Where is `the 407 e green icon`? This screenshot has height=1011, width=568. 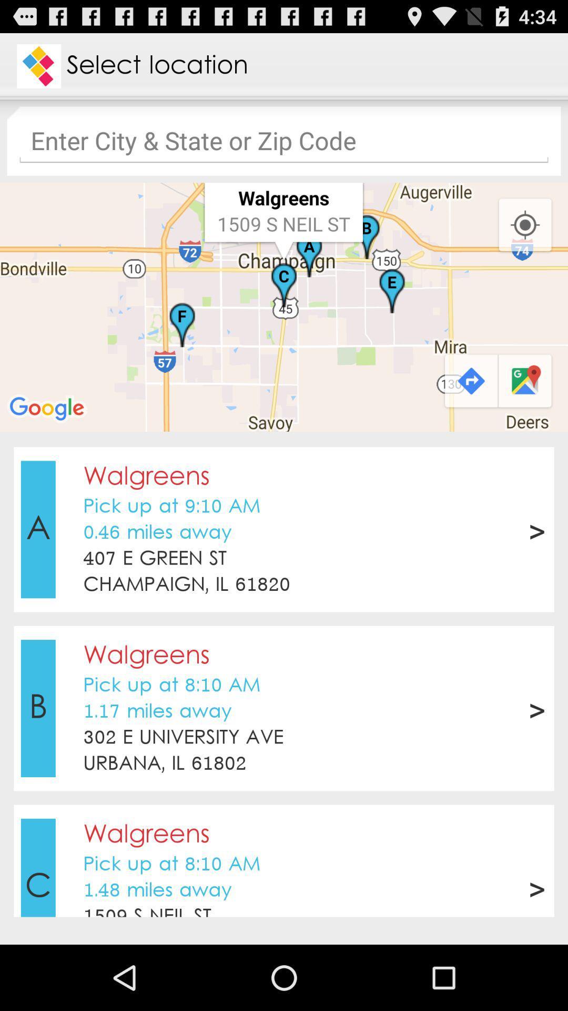
the 407 e green icon is located at coordinates (155, 558).